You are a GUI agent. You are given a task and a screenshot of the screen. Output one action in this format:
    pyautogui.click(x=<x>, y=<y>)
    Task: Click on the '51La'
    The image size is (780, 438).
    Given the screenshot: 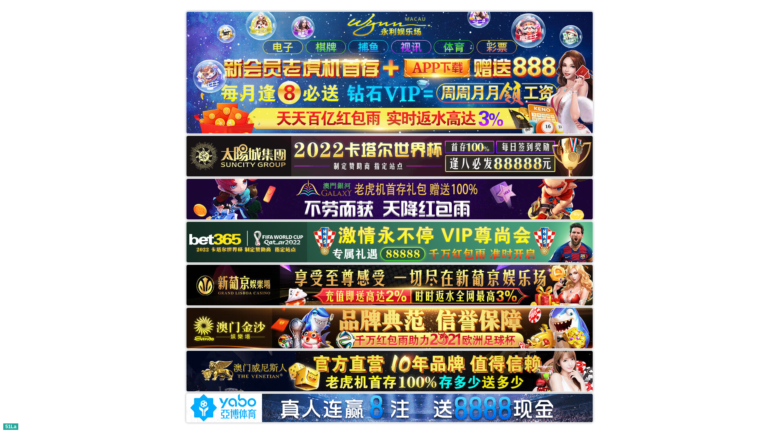 What is the action you would take?
    pyautogui.click(x=11, y=425)
    